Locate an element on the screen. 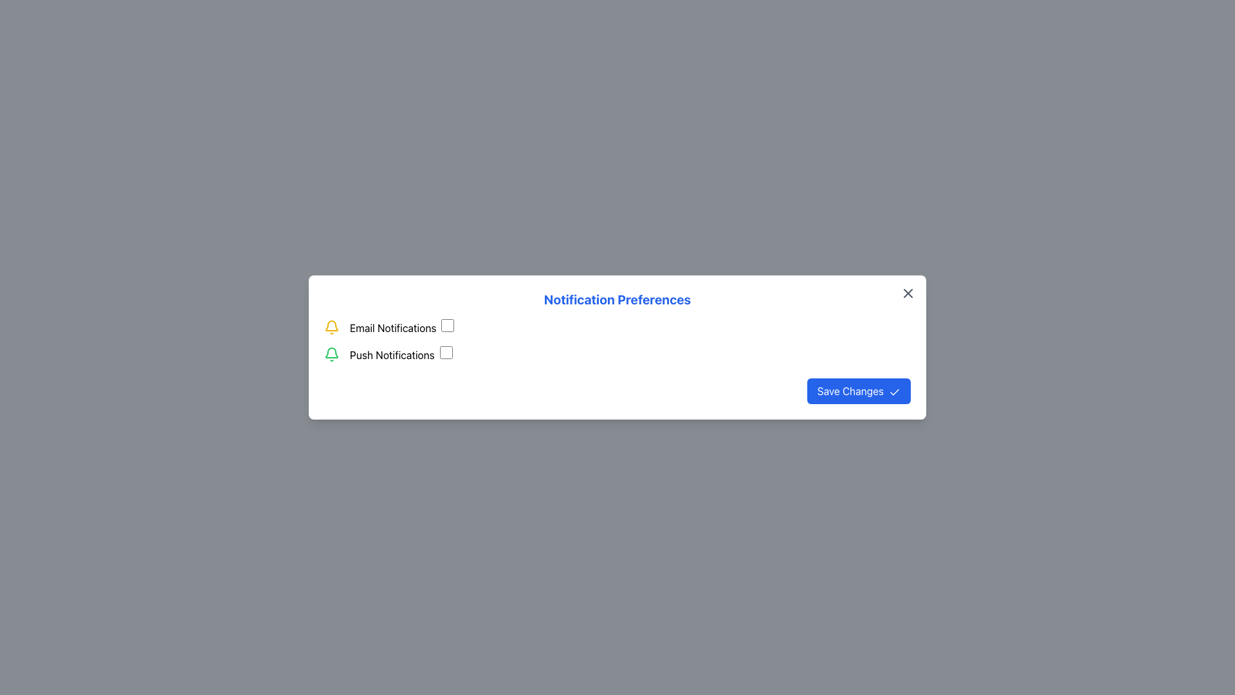  the bell icon that represents notifications, located to the left of the 'Email Notifications' label within the 'Notification Preferences' section is located at coordinates (331, 327).